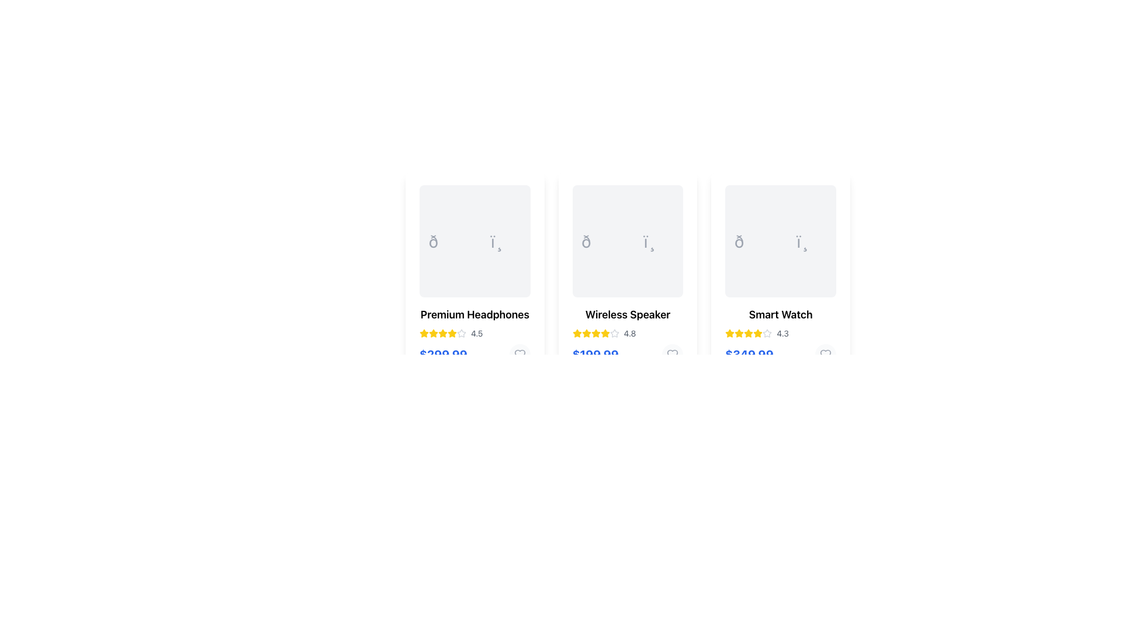 Image resolution: width=1122 pixels, height=631 pixels. What do you see at coordinates (586, 333) in the screenshot?
I see `the third star icon in the rating section of the 'Wireless Speaker' product card` at bounding box center [586, 333].